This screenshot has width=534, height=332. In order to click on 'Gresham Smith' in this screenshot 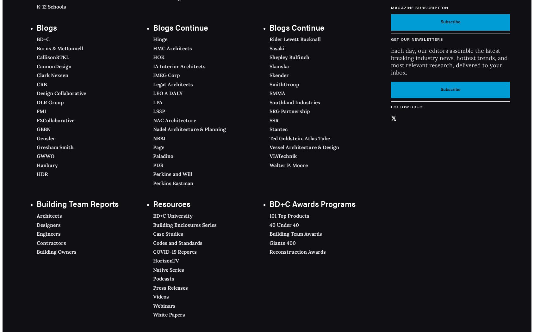, I will do `click(36, 147)`.